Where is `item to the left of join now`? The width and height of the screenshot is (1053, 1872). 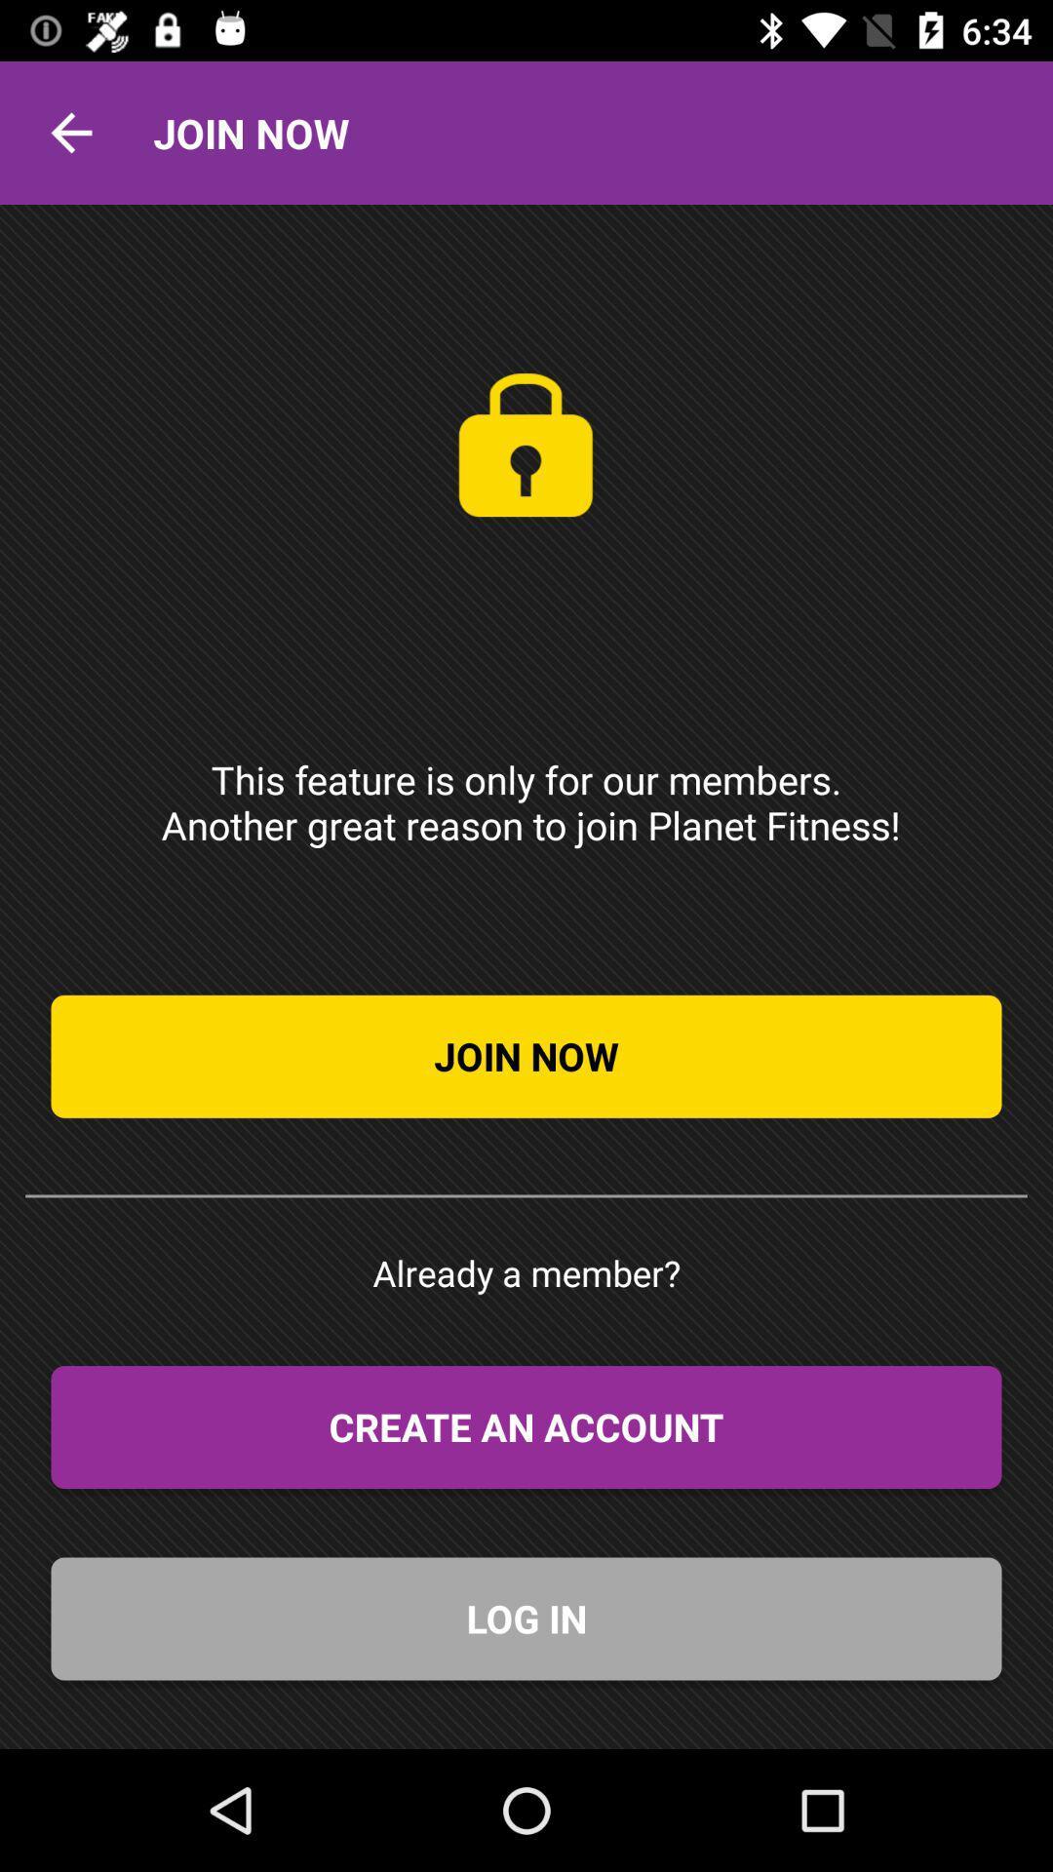
item to the left of join now is located at coordinates (70, 132).